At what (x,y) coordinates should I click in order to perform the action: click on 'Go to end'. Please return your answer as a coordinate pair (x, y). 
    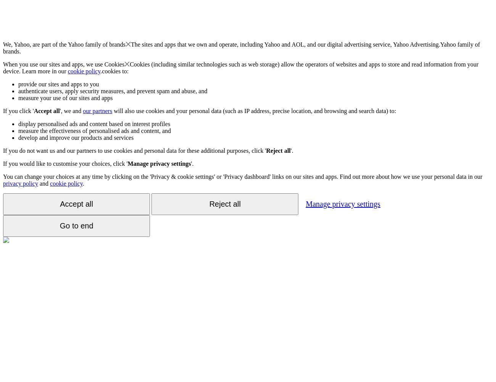
    Looking at the image, I should click on (76, 225).